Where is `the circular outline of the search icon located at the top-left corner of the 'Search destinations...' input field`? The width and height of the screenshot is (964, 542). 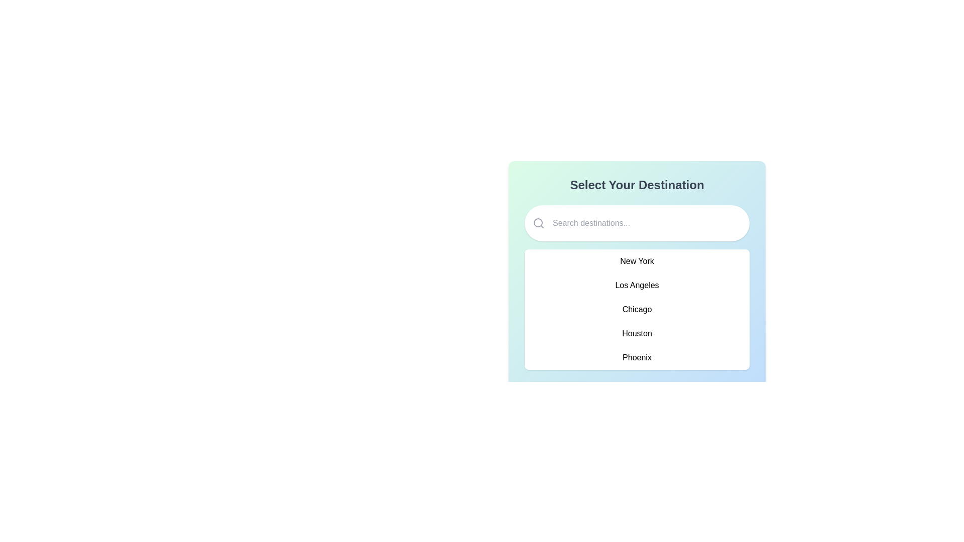 the circular outline of the search icon located at the top-left corner of the 'Search destinations...' input field is located at coordinates (537, 222).